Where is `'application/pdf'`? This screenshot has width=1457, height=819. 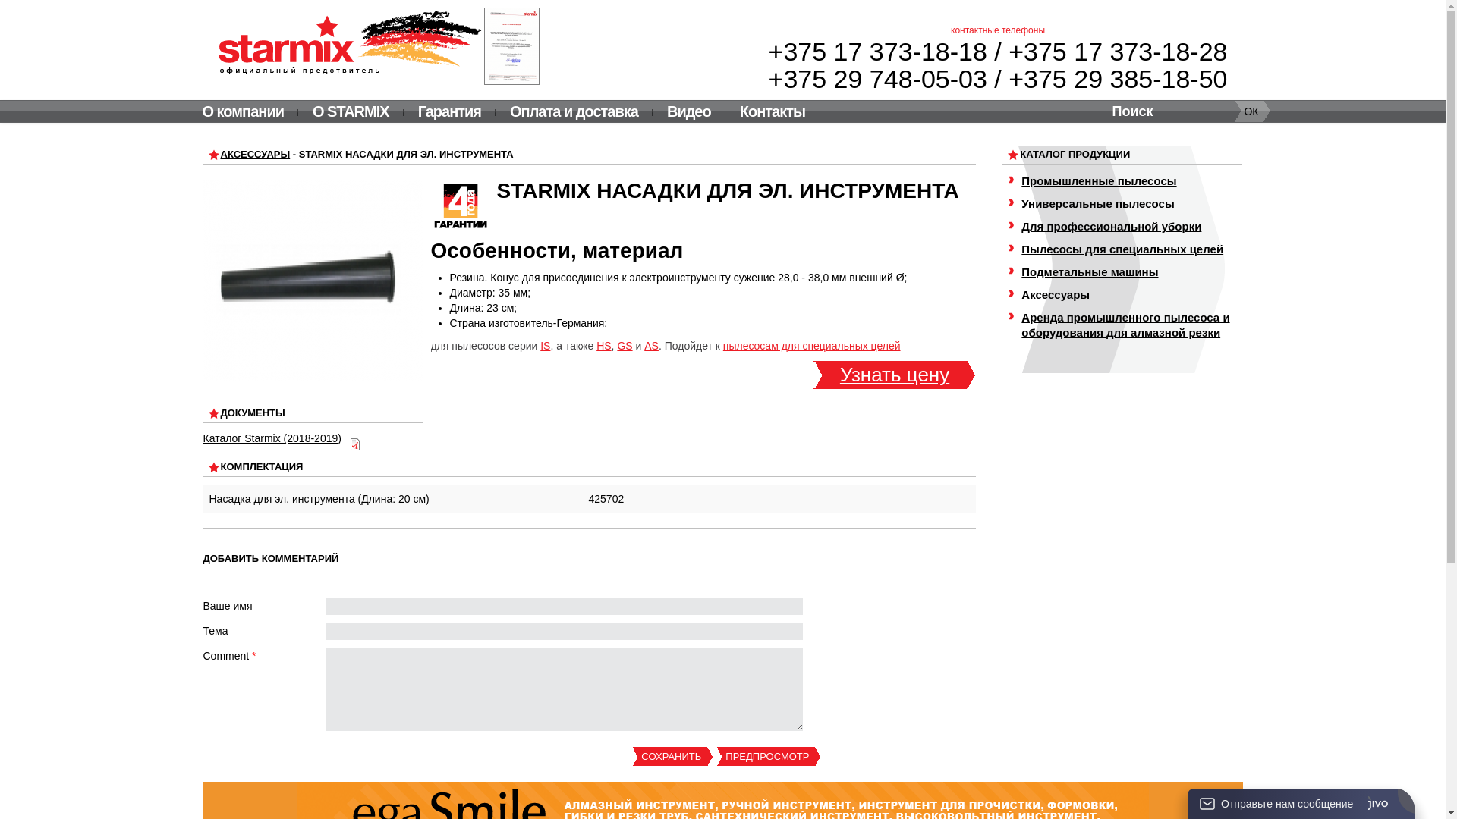
'application/pdf' is located at coordinates (348, 444).